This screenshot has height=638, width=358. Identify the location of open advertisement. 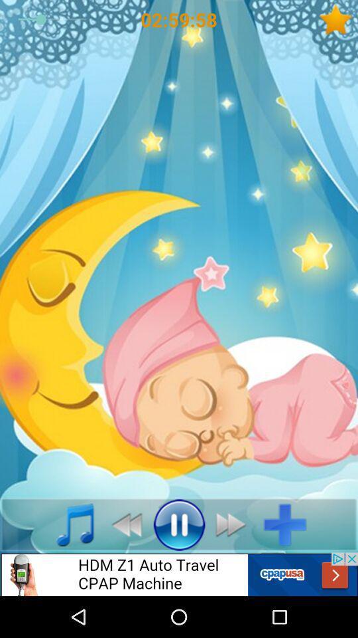
(179, 574).